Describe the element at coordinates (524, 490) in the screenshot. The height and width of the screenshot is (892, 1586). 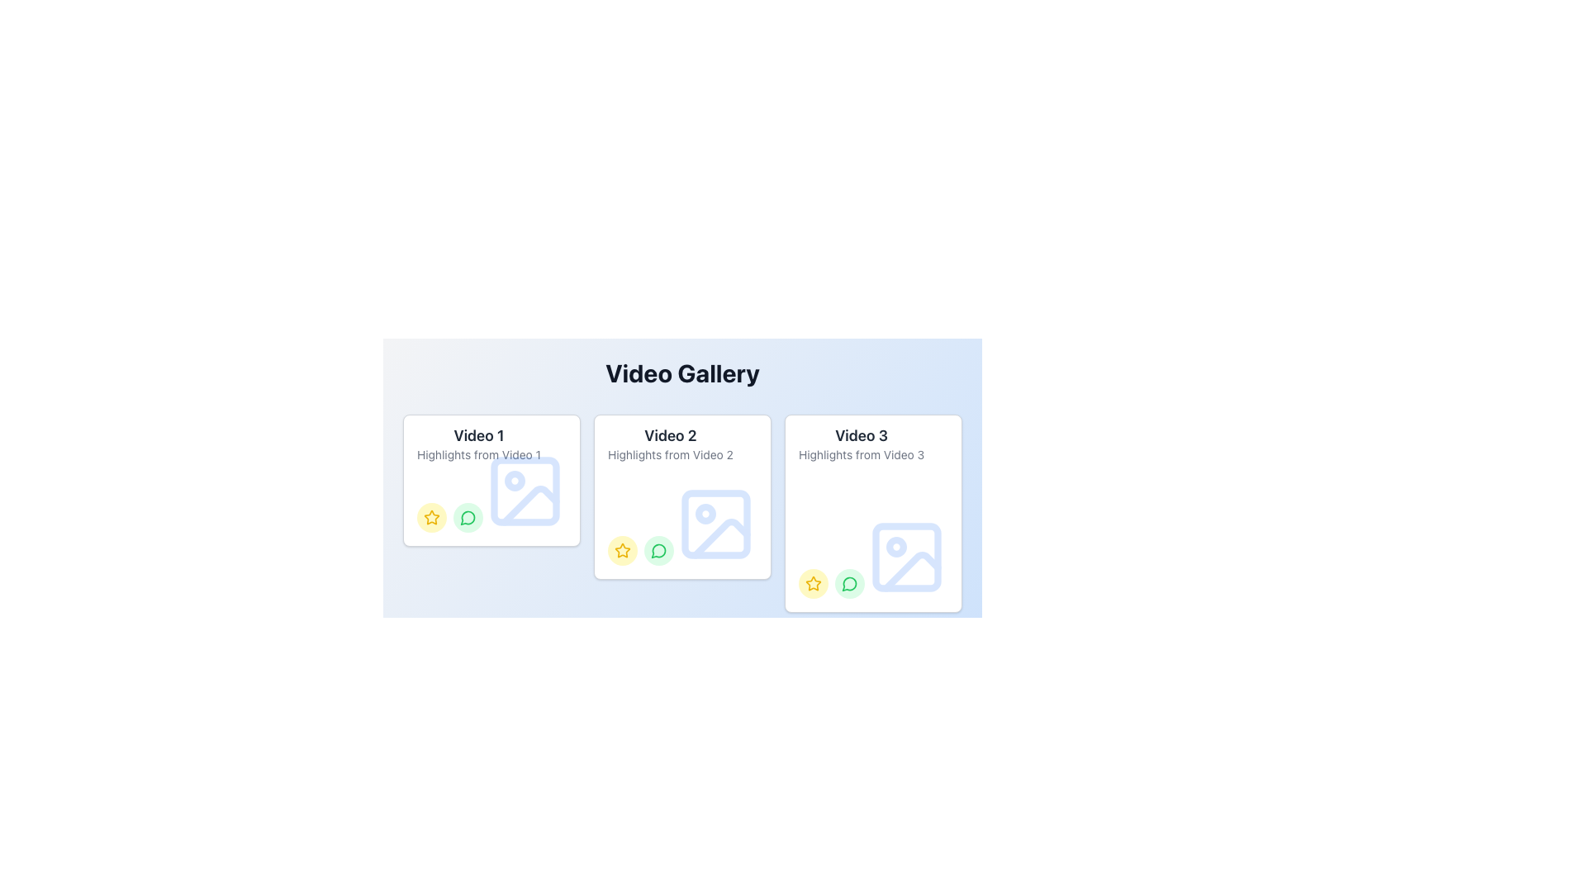
I see `the graphic icon located in the bottom-right corner of the card element for Video 1 to initiate interactions` at that location.